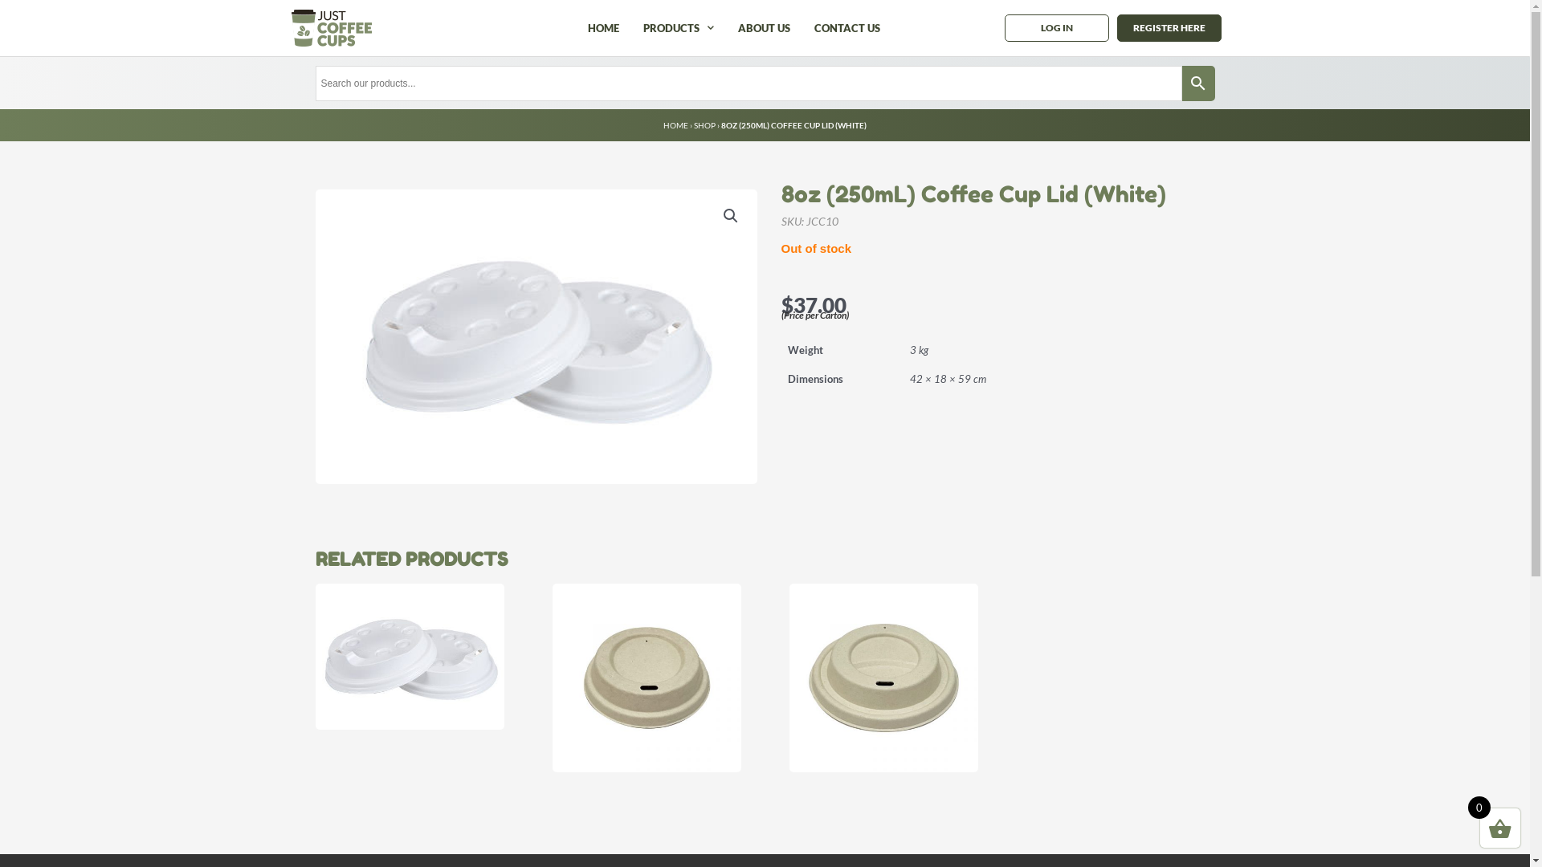 The height and width of the screenshot is (867, 1542). Describe the element at coordinates (1116, 27) in the screenshot. I see `'REGISTER HERE'` at that location.